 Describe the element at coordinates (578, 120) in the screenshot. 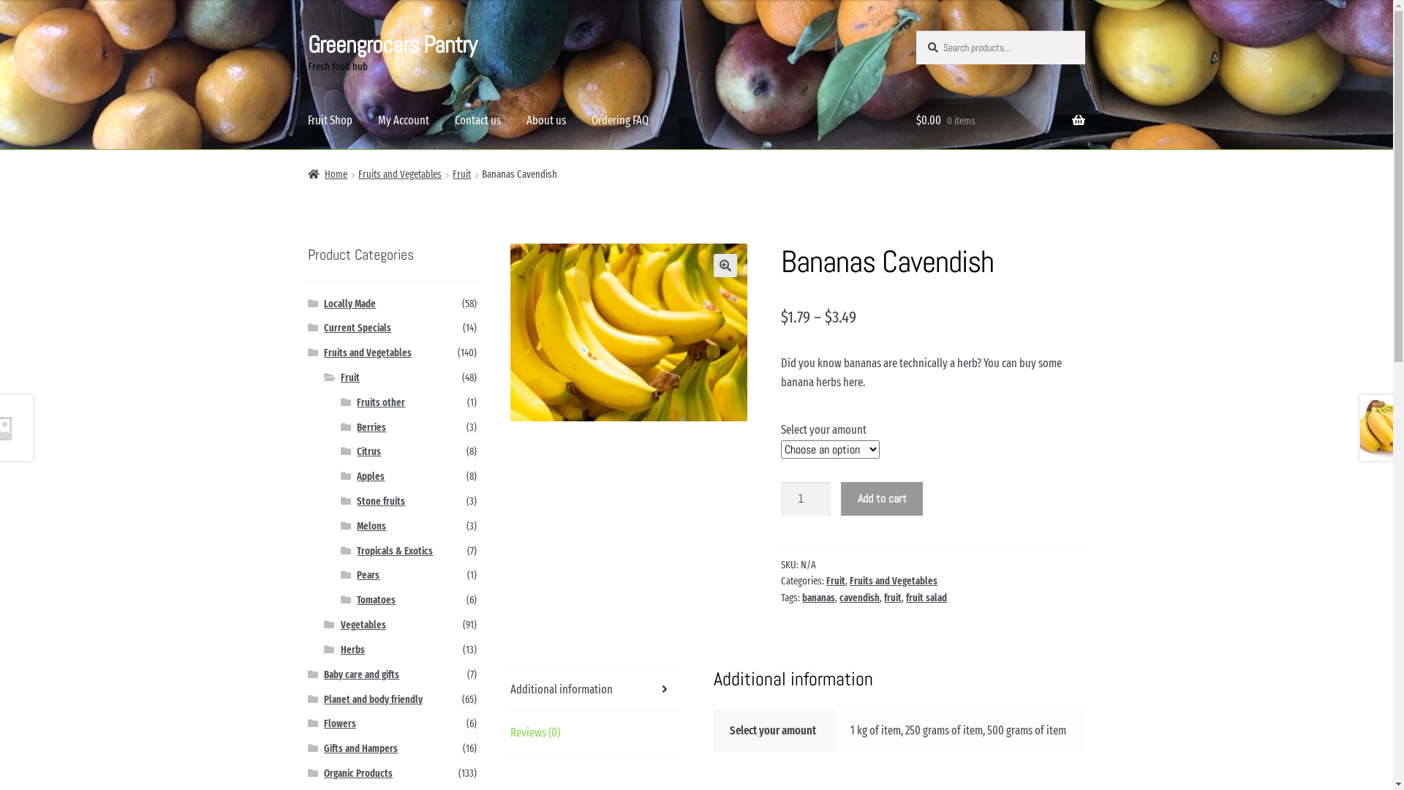

I see `'Ordering FAQ'` at that location.